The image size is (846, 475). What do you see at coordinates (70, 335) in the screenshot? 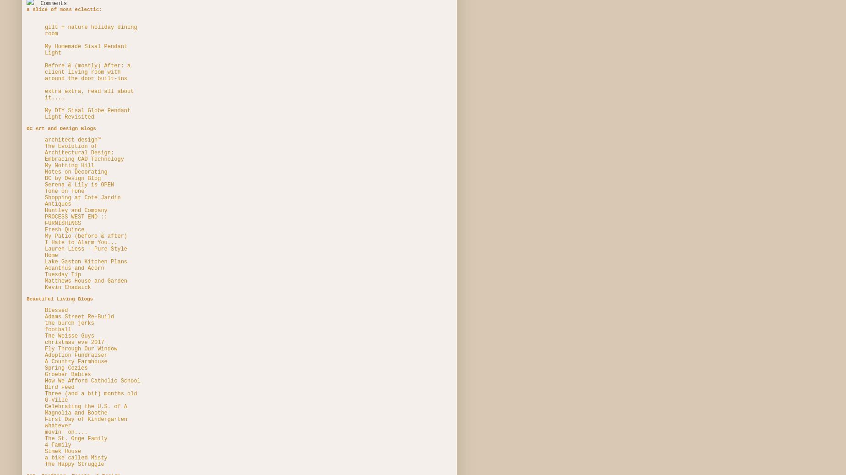
I see `'The Weisse Guys'` at bounding box center [70, 335].